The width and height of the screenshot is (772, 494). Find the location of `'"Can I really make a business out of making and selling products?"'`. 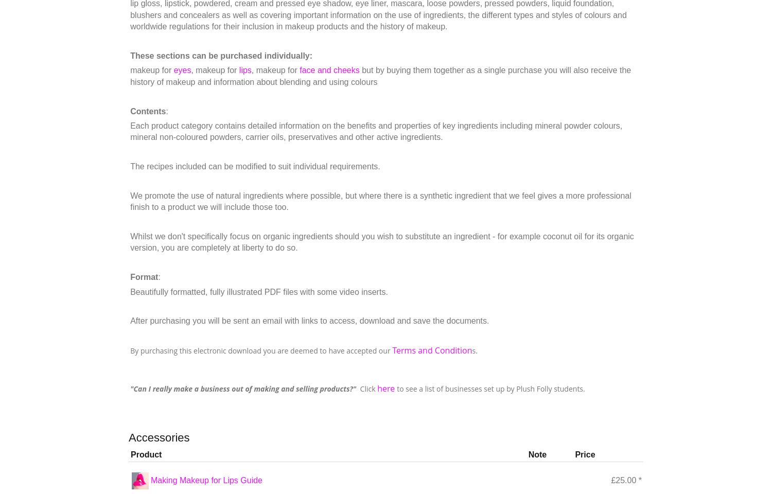

'"Can I really make a business out of making and selling products?"' is located at coordinates (130, 388).